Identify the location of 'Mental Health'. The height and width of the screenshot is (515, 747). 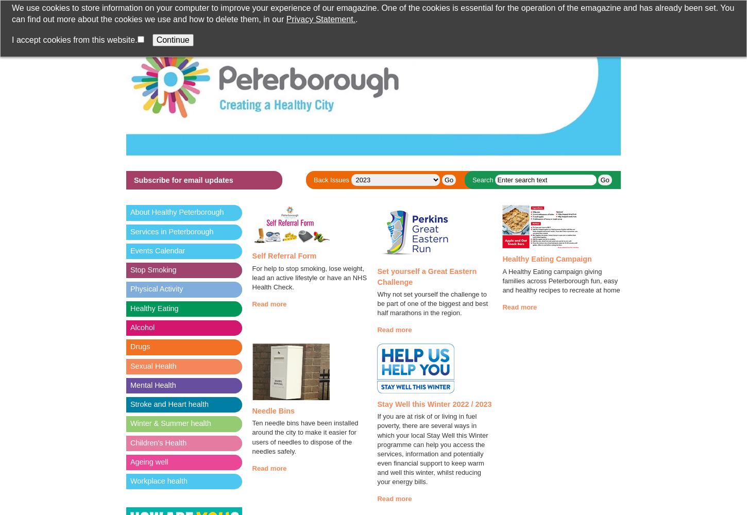
(152, 384).